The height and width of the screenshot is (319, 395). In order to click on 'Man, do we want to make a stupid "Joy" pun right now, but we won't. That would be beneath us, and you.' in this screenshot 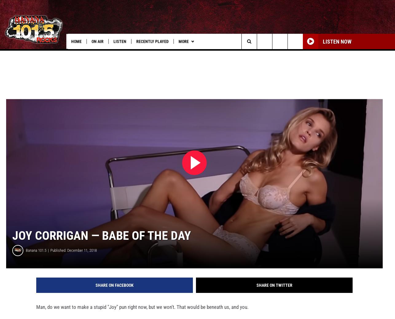, I will do `click(142, 315)`.